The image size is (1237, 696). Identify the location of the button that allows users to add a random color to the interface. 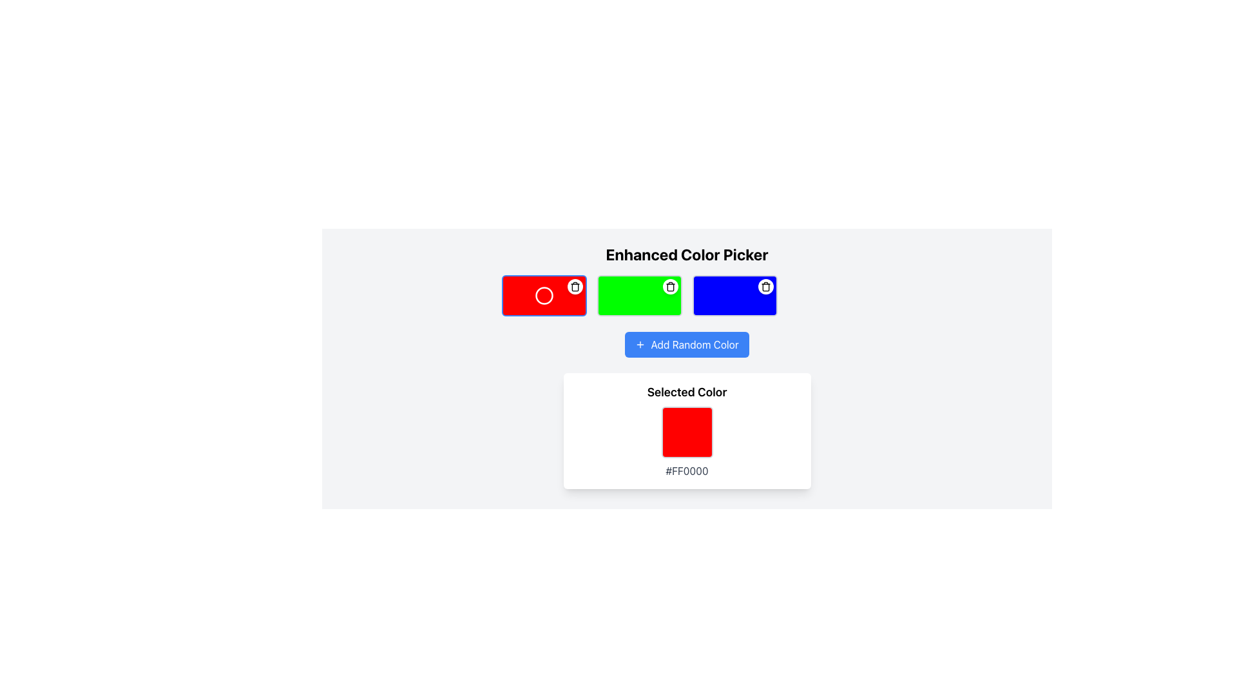
(686, 344).